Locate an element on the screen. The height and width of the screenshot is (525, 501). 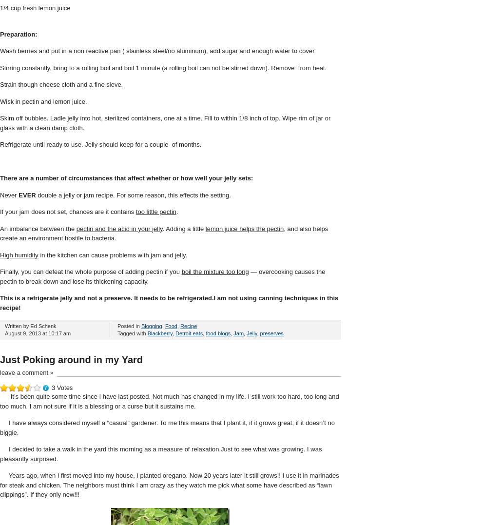
'lemon juice helps the pectin' is located at coordinates (244, 228).